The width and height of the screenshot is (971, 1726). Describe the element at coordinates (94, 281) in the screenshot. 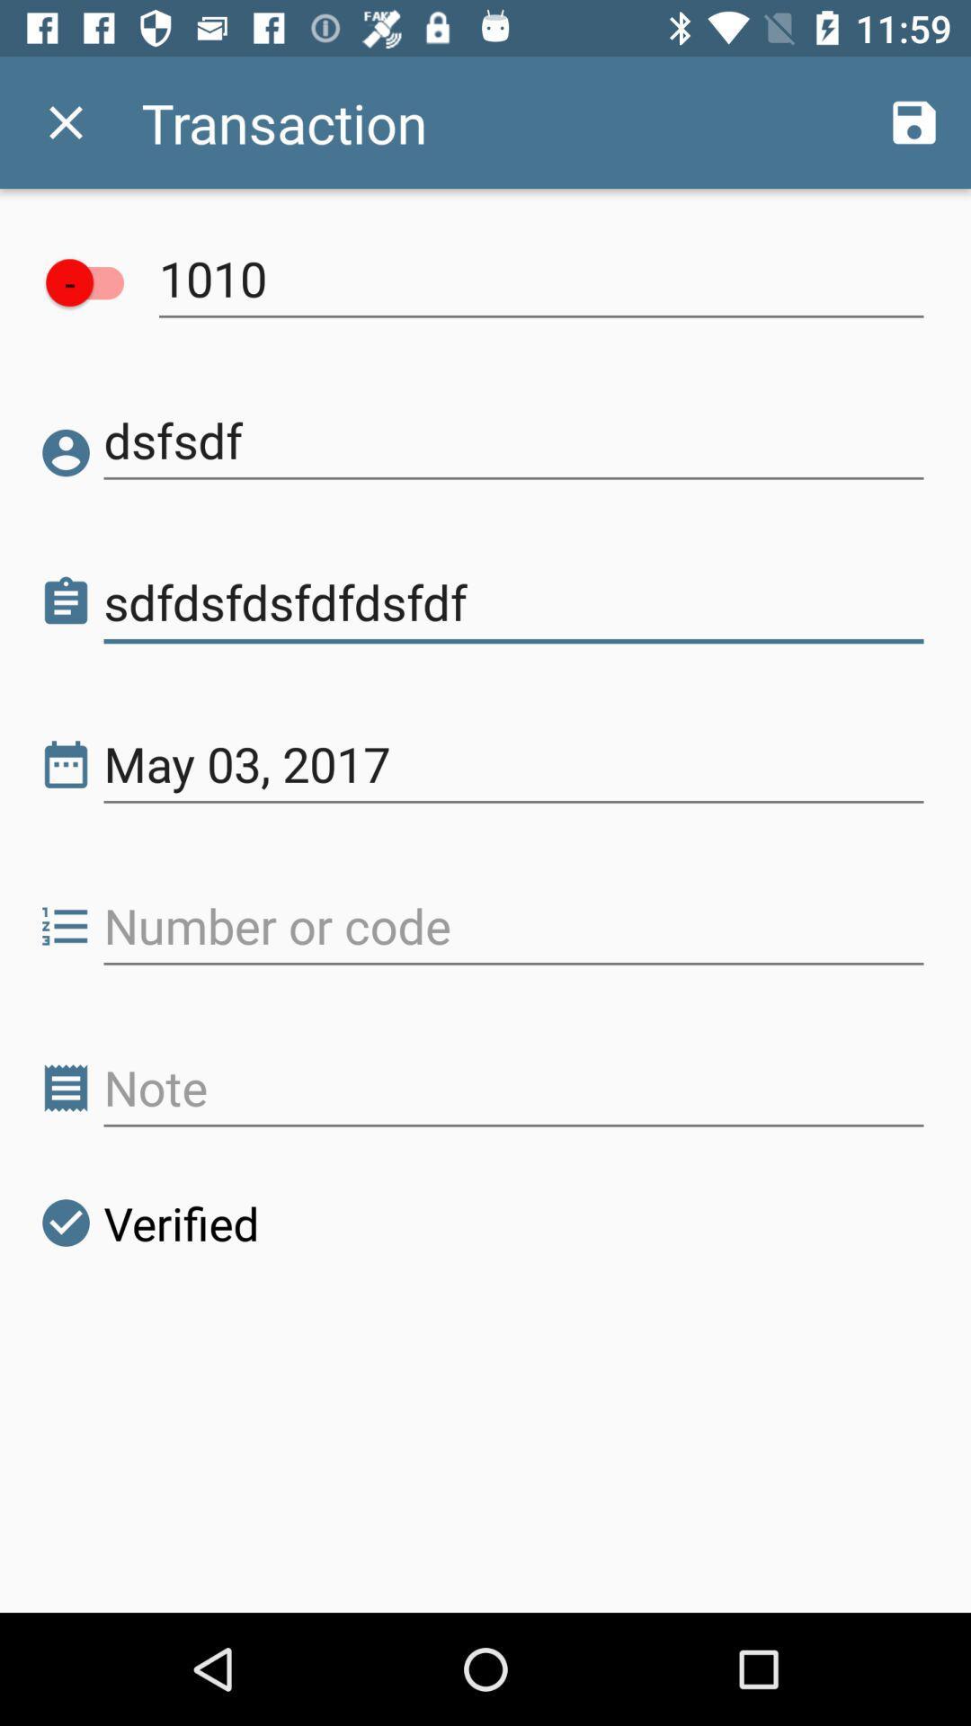

I see `switch option off` at that location.